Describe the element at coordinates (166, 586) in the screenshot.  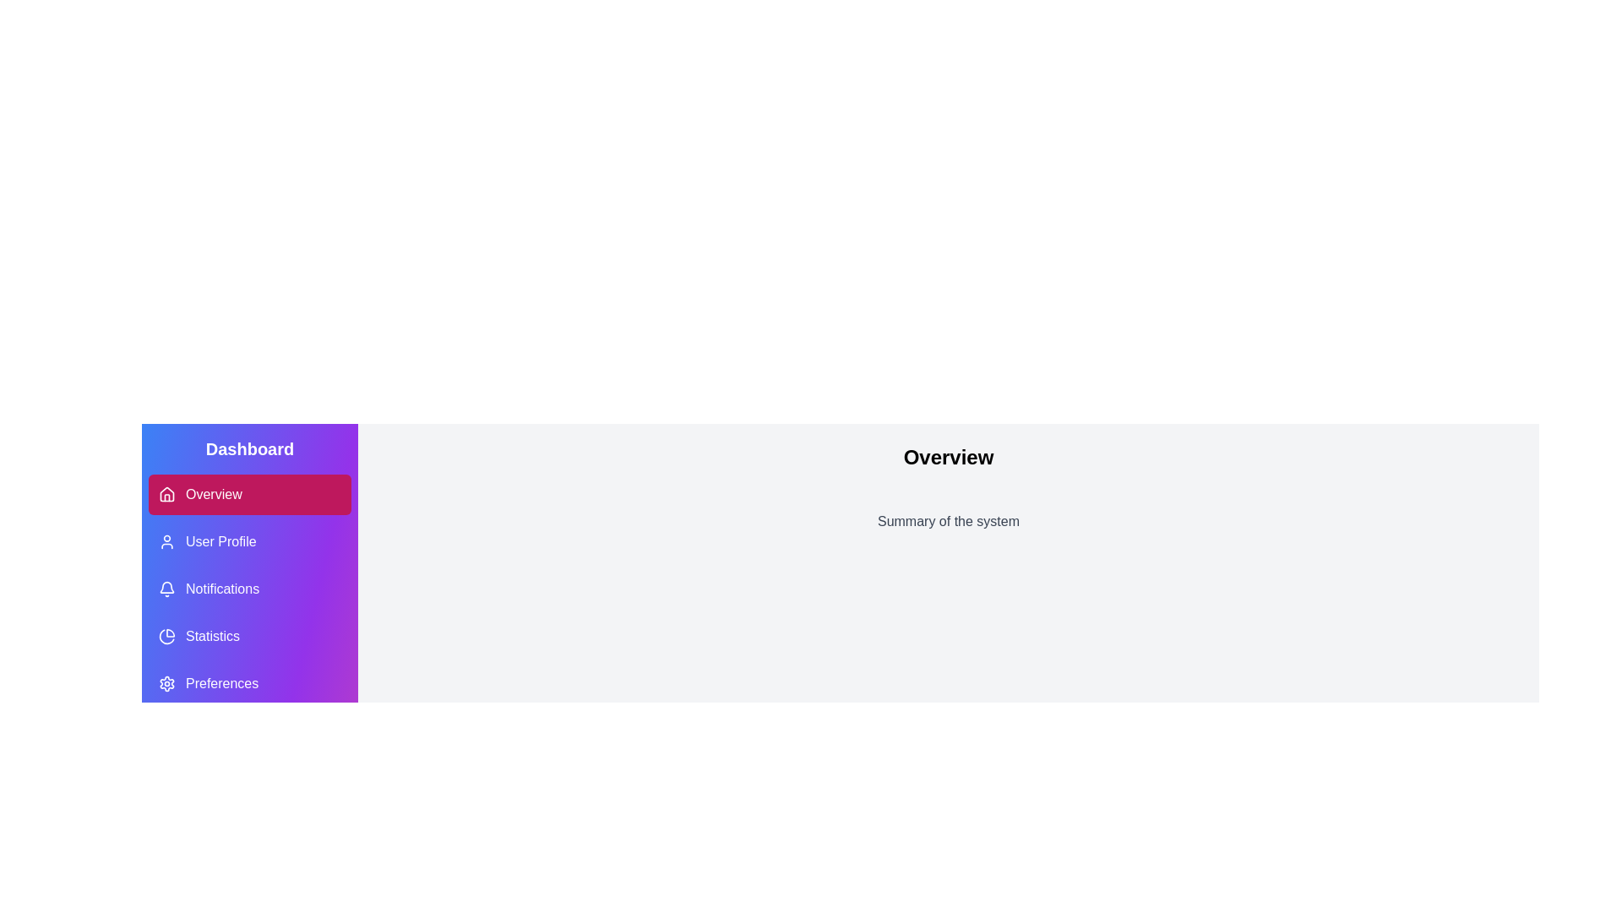
I see `bell icon located to the left of the 'Notifications' text in the sidebar, which is styled with a clean design and positioned between 'User Profile' and 'Statistics'` at that location.